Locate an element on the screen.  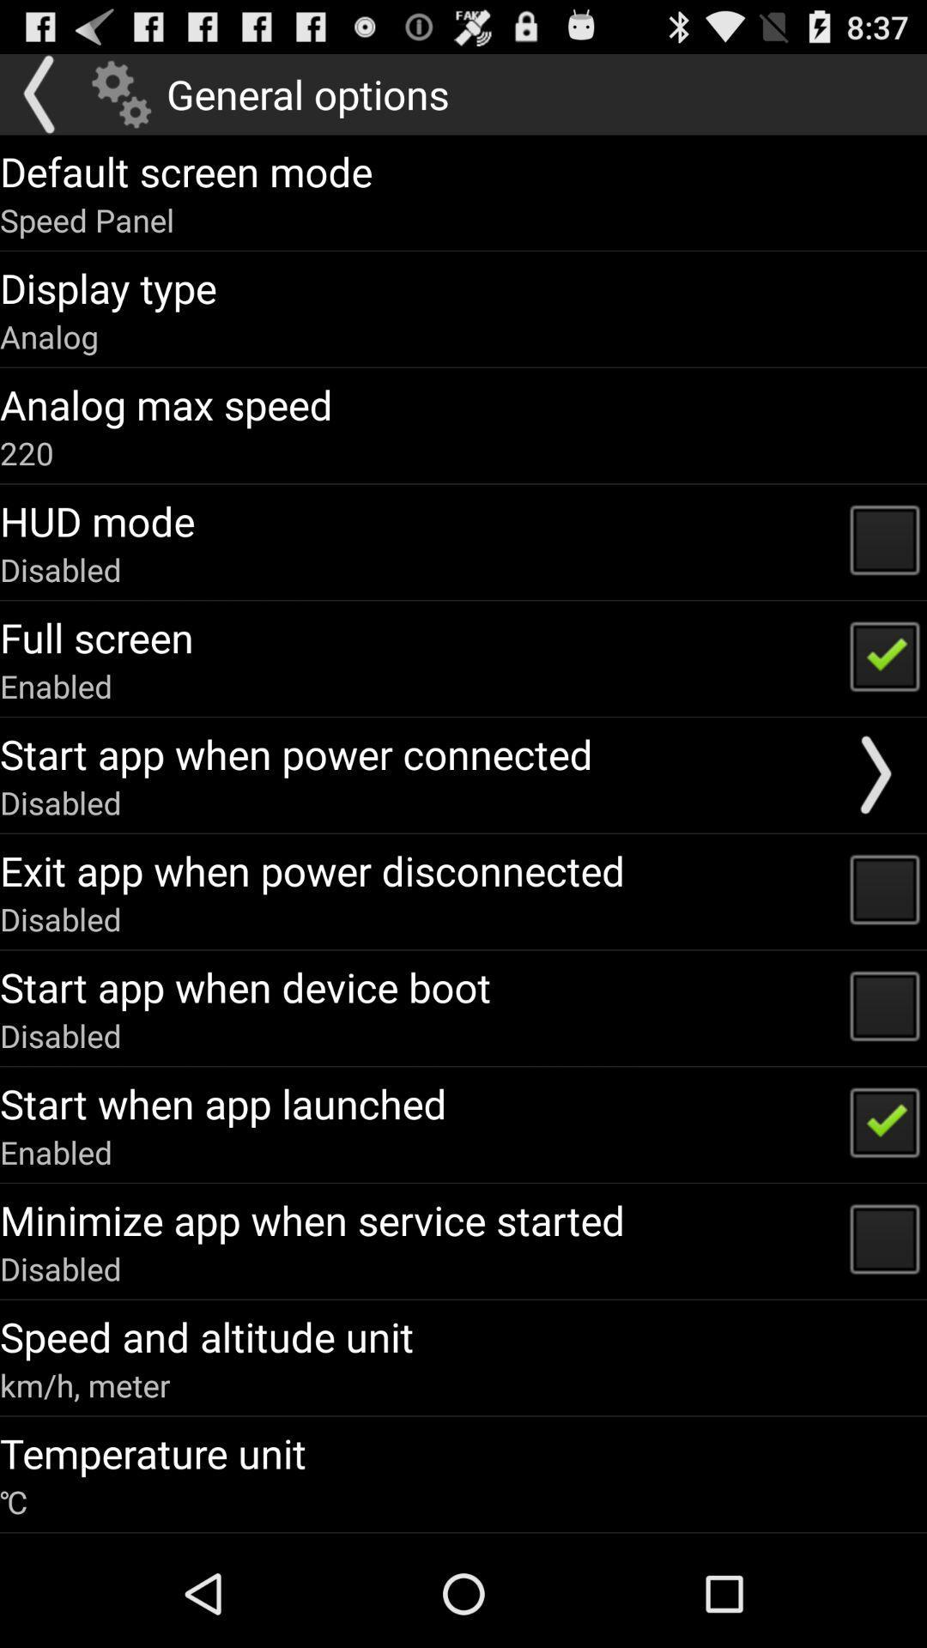
the default screen mode app is located at coordinates (186, 171).